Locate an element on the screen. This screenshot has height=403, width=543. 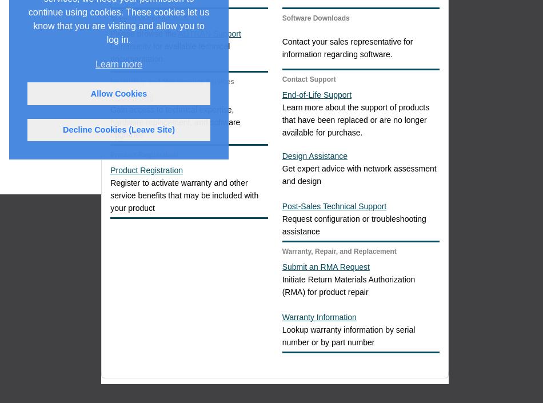
'Decline Cookies (Leave Site)' is located at coordinates (118, 130).